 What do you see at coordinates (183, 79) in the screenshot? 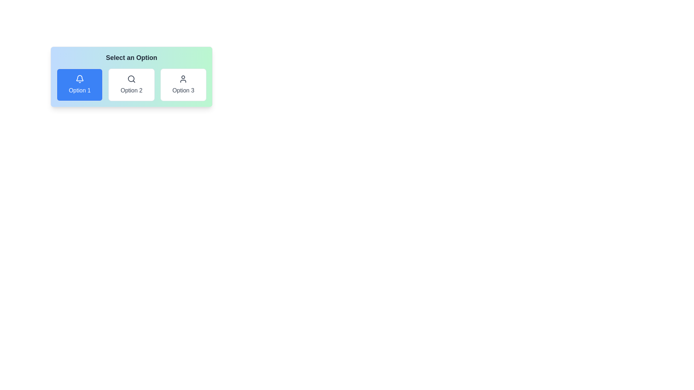
I see `the 'Option 3' icon that represents user or profile-related functionality in the horizontal option menu` at bounding box center [183, 79].